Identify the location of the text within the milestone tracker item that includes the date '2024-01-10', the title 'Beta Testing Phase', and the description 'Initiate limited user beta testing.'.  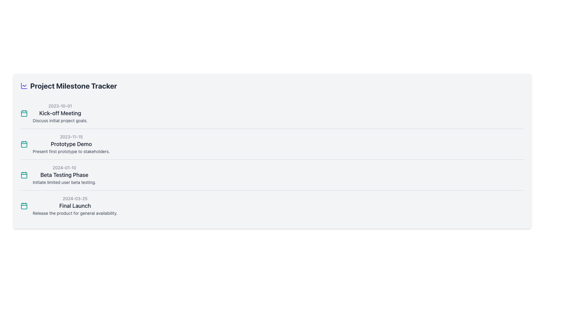
(272, 175).